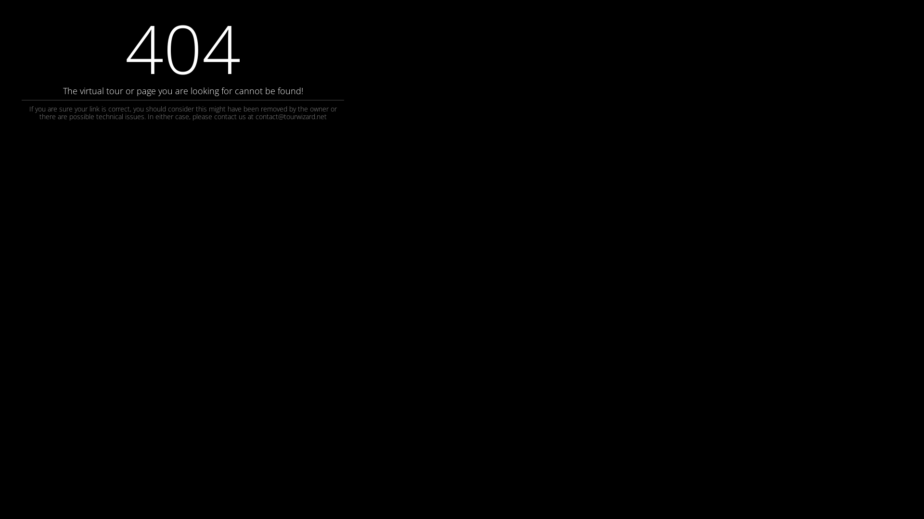 This screenshot has width=924, height=519. Describe the element at coordinates (290, 116) in the screenshot. I see `'contact@tourwizard.net'` at that location.